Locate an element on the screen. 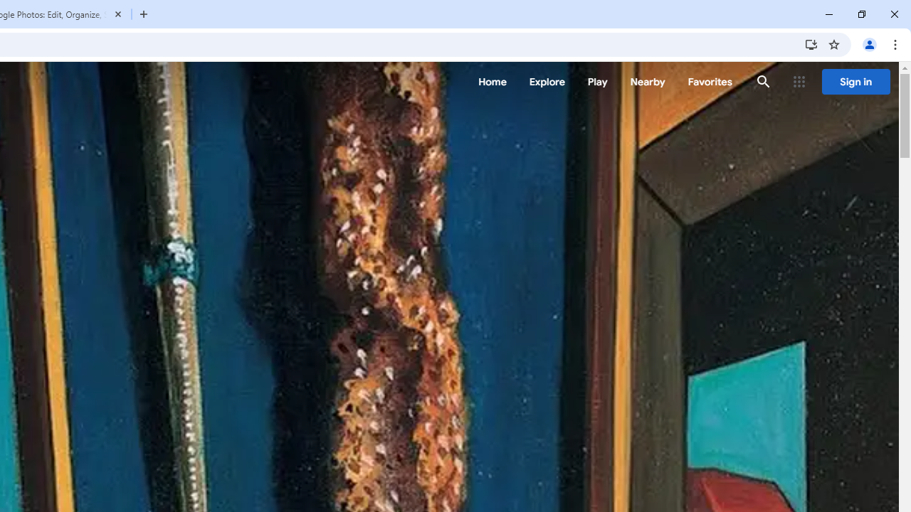 The image size is (911, 512). 'New Tab' is located at coordinates (144, 14).